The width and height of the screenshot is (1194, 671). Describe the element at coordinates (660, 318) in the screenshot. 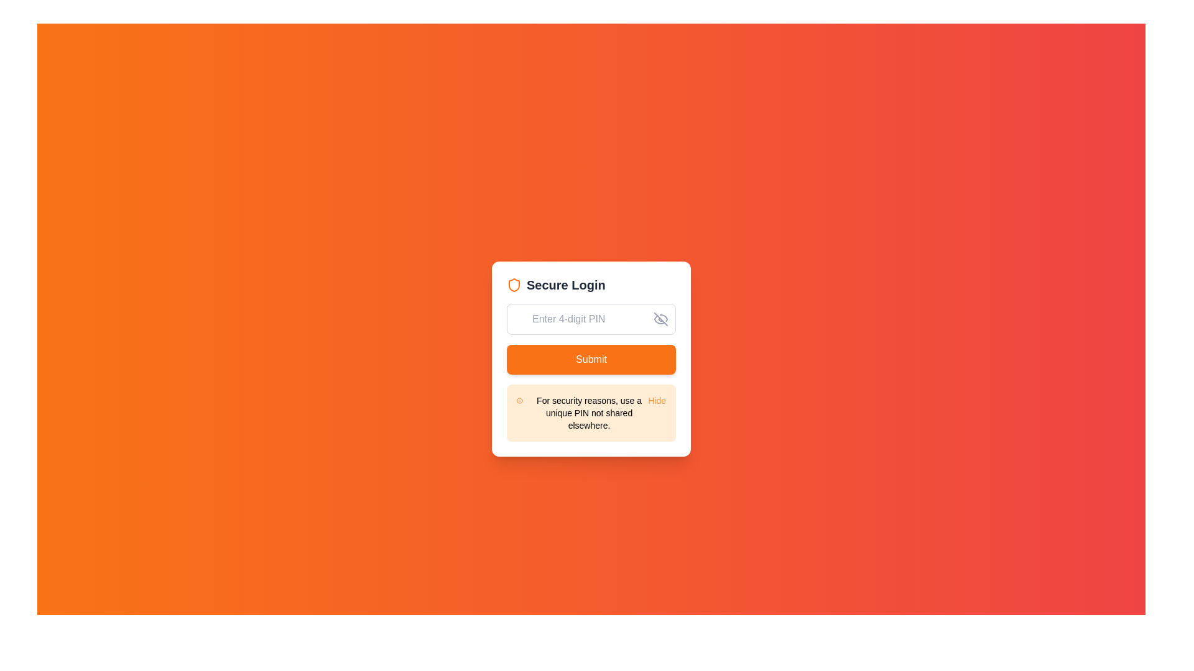

I see `the eye-shaped icon button` at that location.